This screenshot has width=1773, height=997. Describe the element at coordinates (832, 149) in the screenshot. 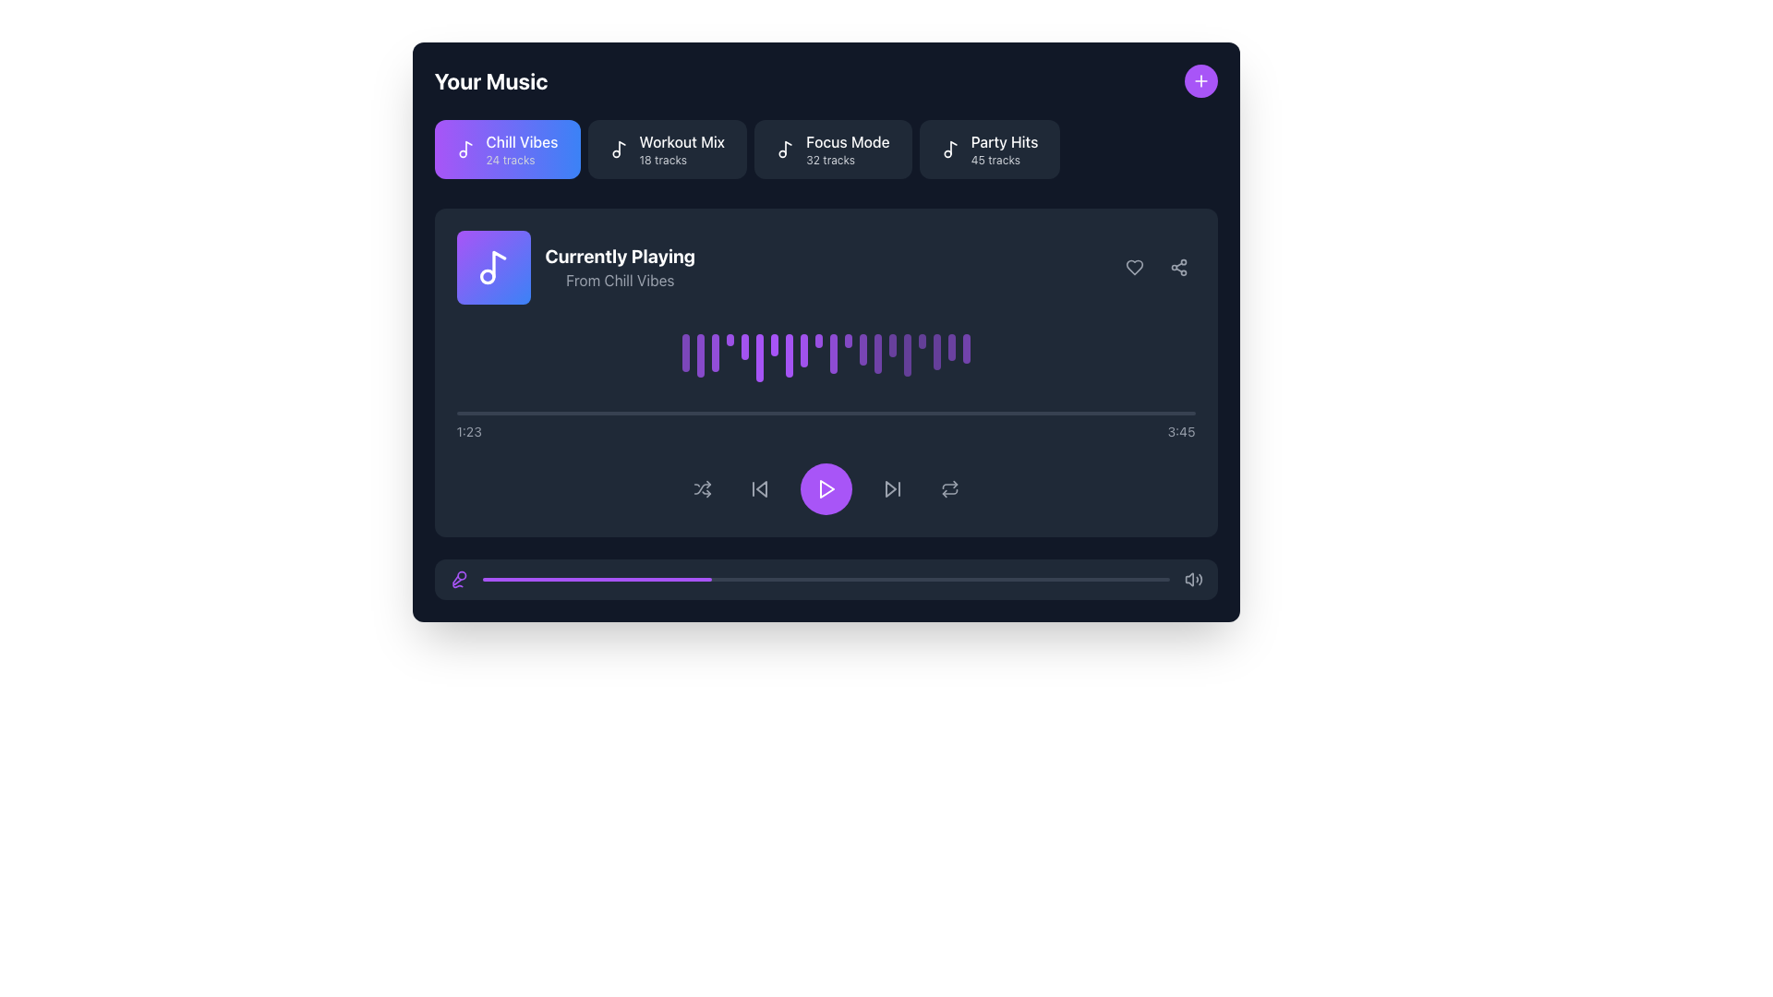

I see `the 'Focus Mode' button` at that location.